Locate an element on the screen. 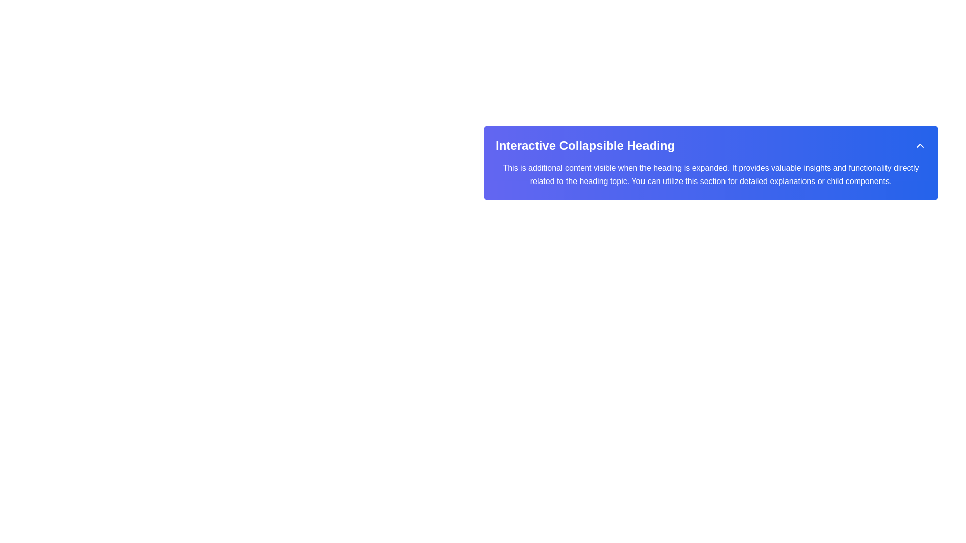 This screenshot has width=966, height=543. the text block located beneath the 'Interactive Collapsible Heading', which contains descriptive content styled in a sans-serif font is located at coordinates (710, 174).